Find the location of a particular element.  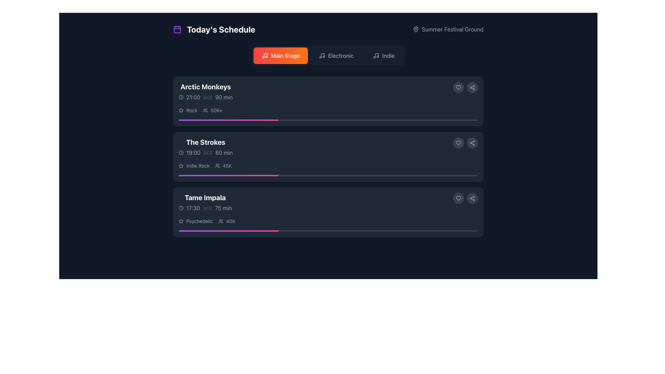

the music icon located to the left of the 'Main Stage' button, which is positioned below the 'Today's Schedule' title is located at coordinates (265, 55).